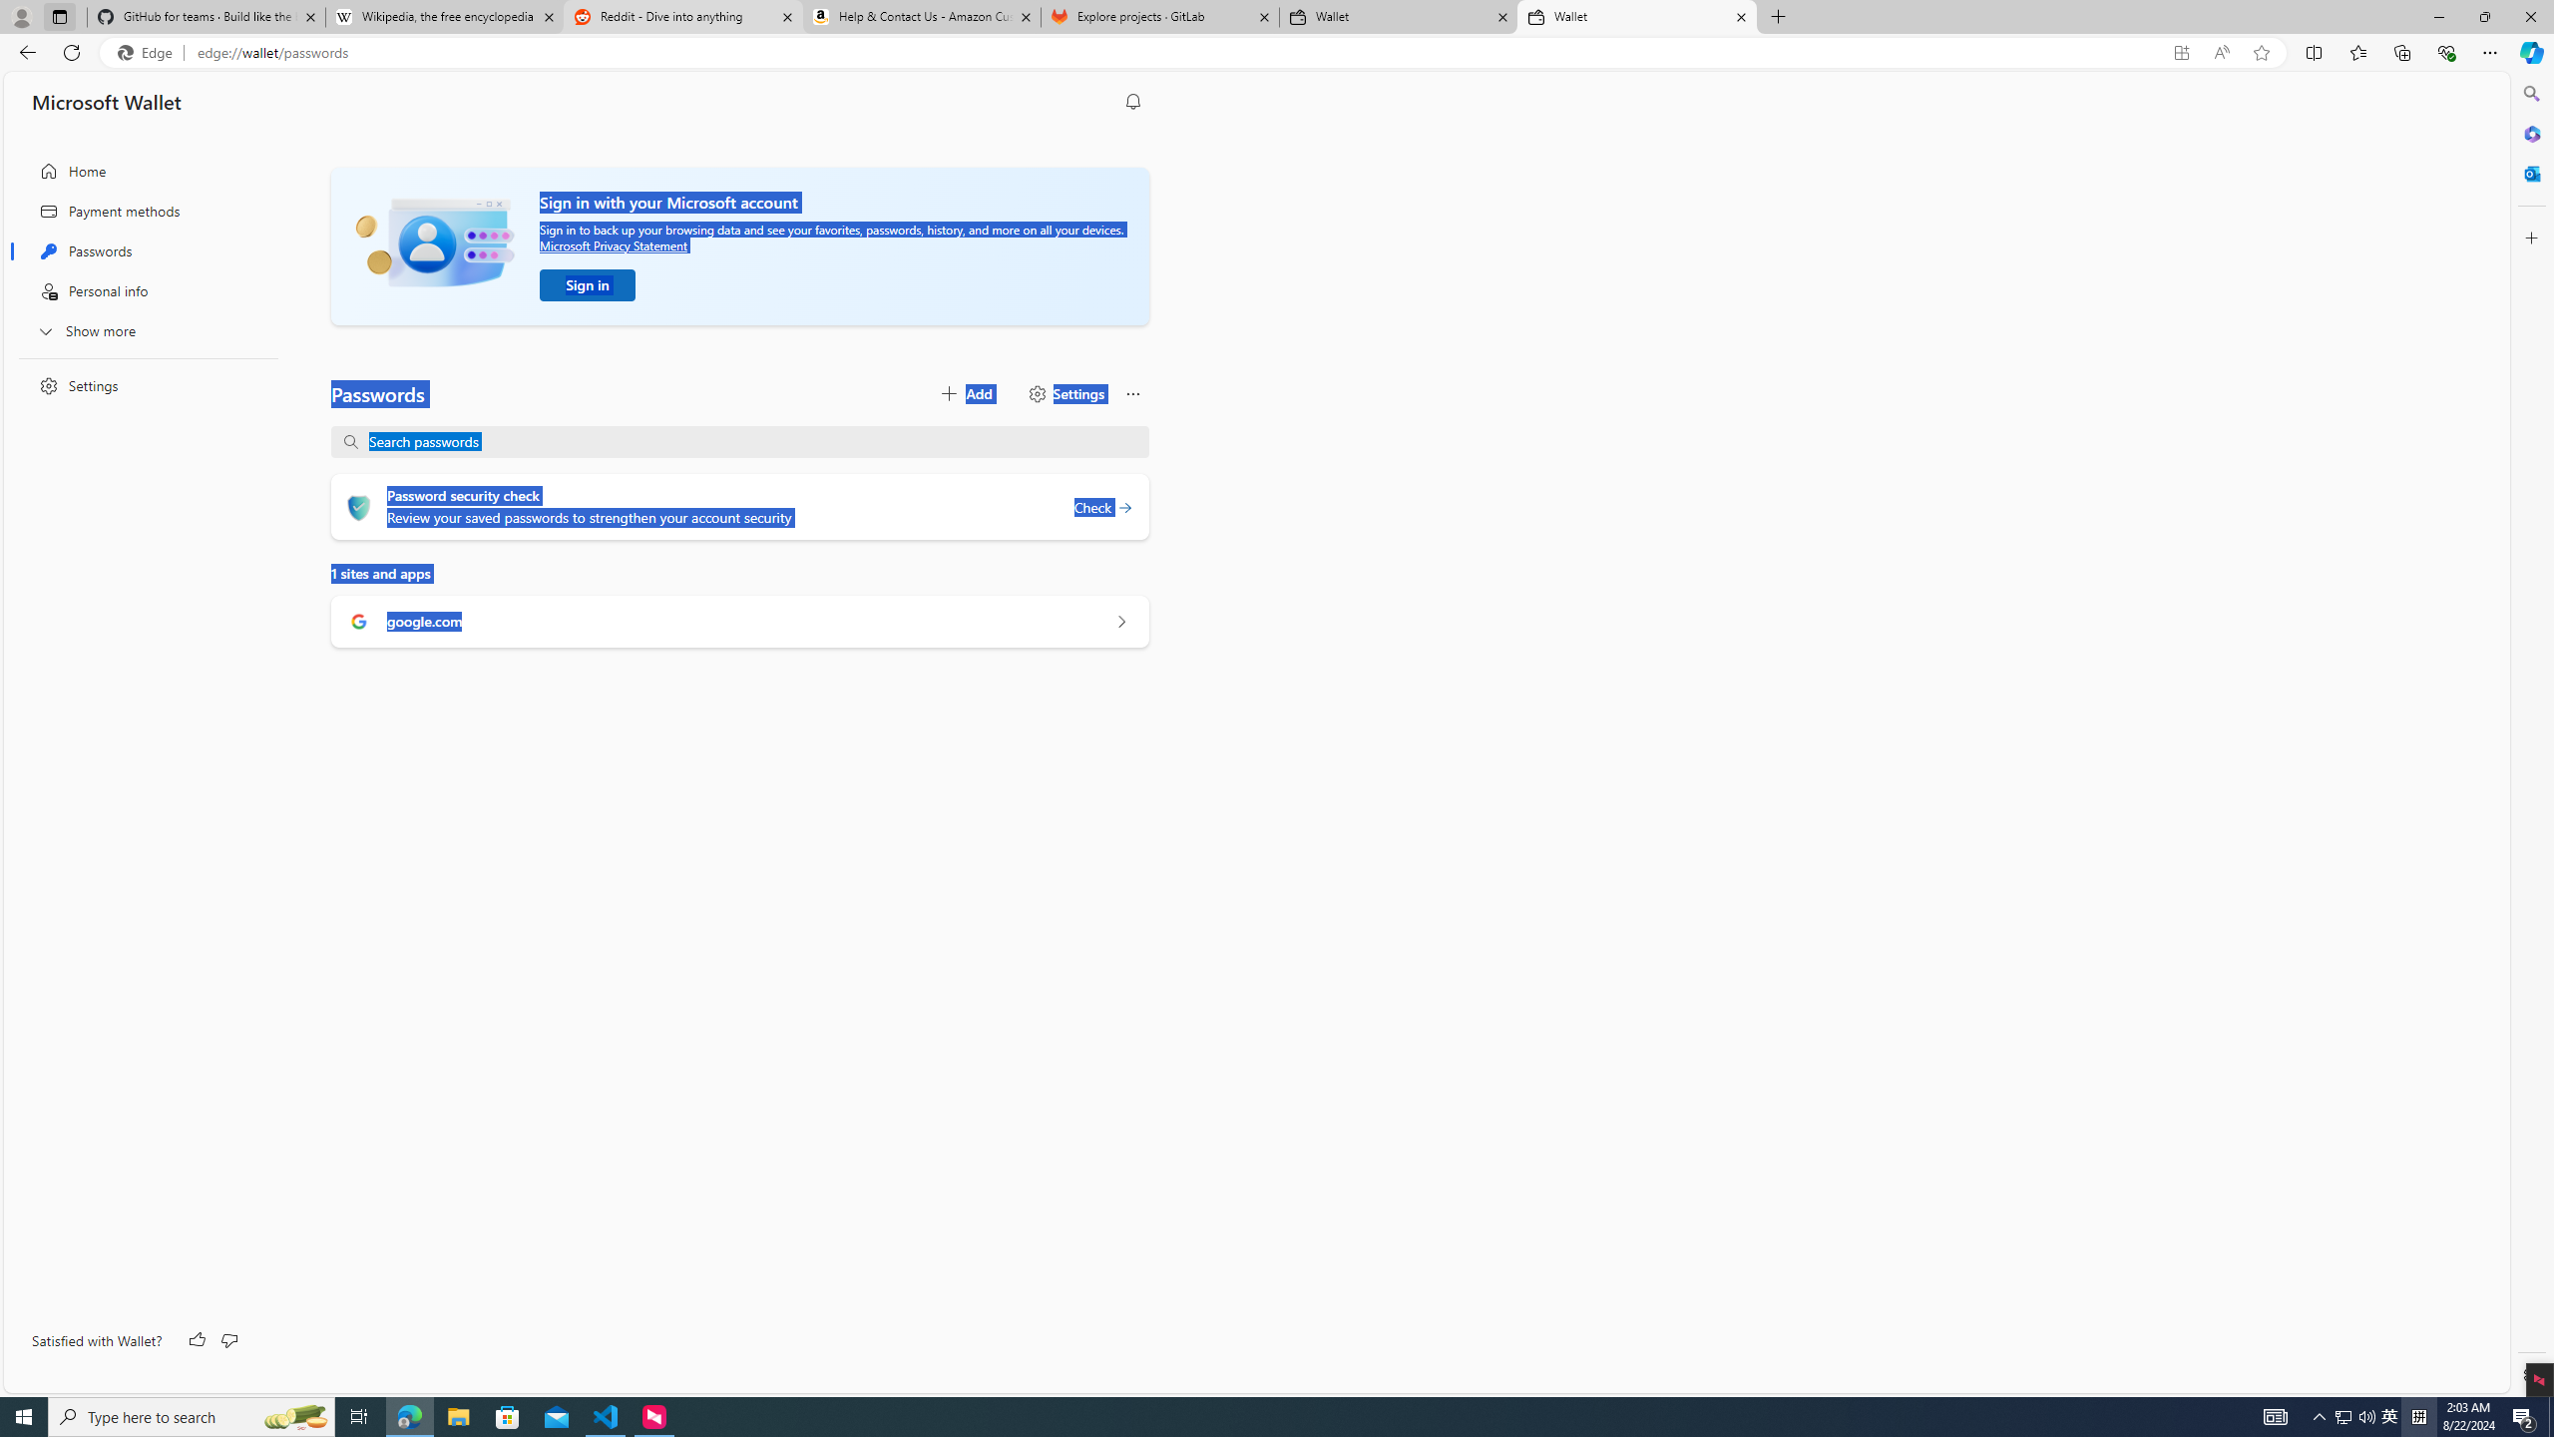  What do you see at coordinates (142, 290) in the screenshot?
I see `'Personal info'` at bounding box center [142, 290].